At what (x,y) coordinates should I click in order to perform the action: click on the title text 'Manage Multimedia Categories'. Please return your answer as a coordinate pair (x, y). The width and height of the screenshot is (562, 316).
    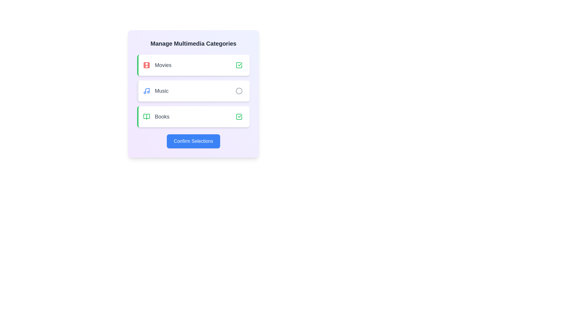
    Looking at the image, I should click on (193, 43).